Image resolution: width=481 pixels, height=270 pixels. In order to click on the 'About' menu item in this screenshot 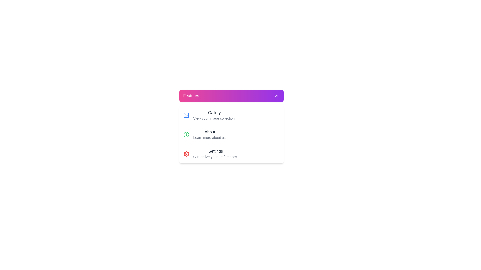, I will do `click(231, 130)`.